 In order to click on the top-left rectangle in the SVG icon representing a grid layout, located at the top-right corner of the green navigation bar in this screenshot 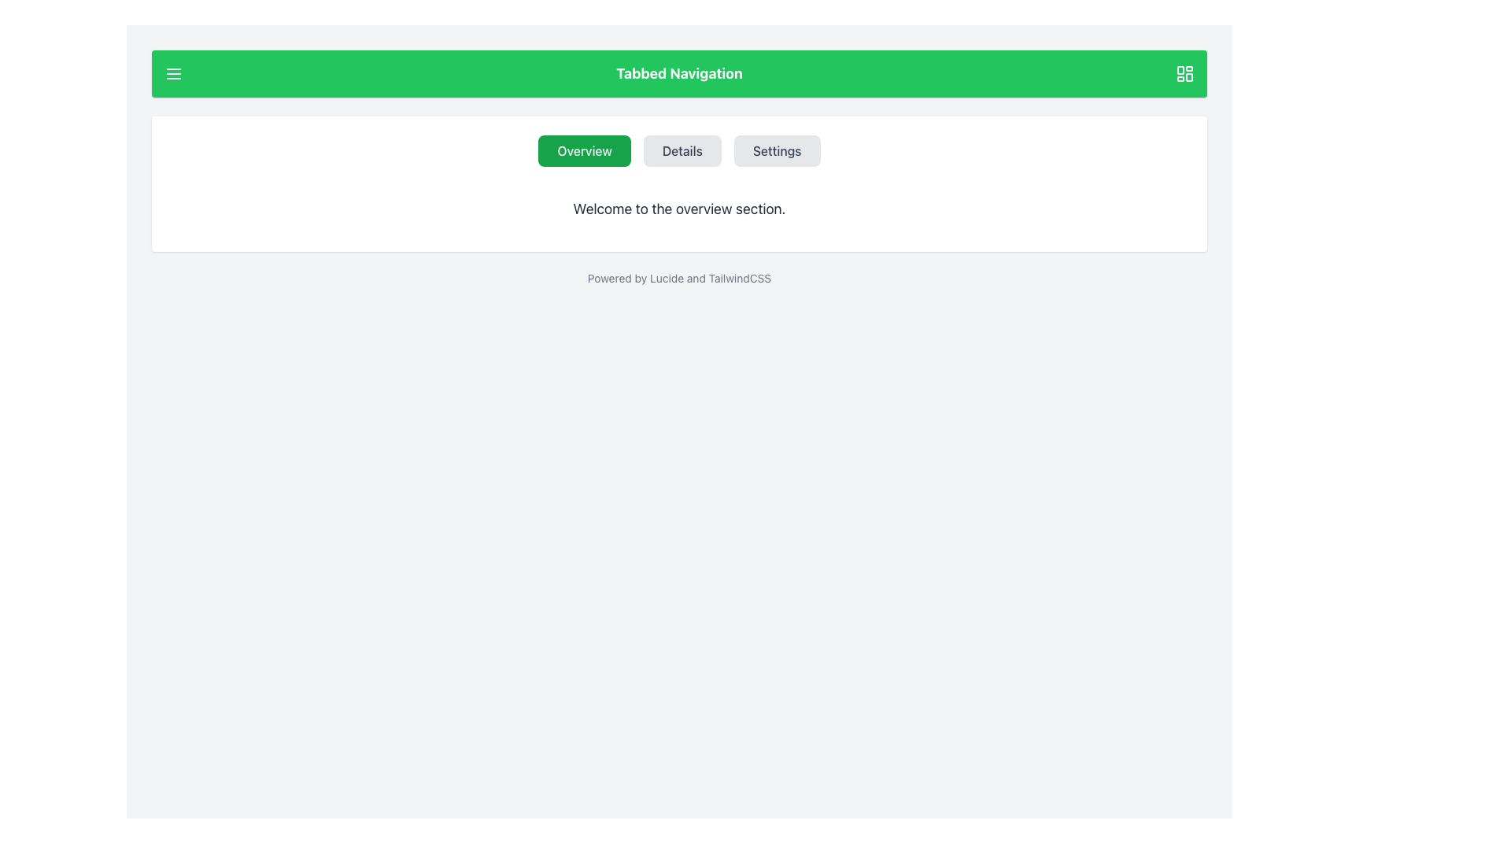, I will do `click(1180, 69)`.